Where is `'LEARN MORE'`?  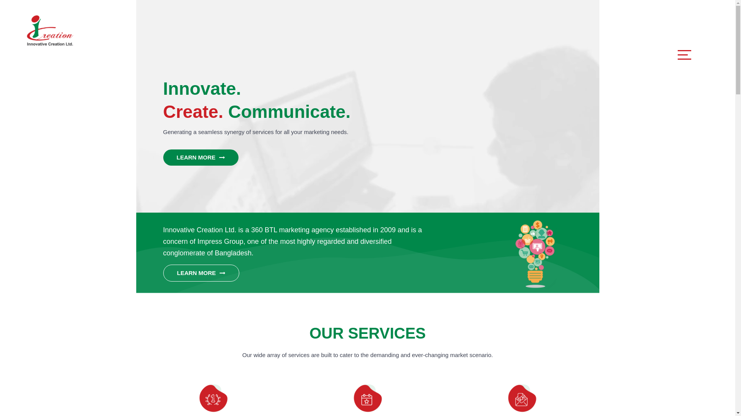 'LEARN MORE' is located at coordinates (201, 273).